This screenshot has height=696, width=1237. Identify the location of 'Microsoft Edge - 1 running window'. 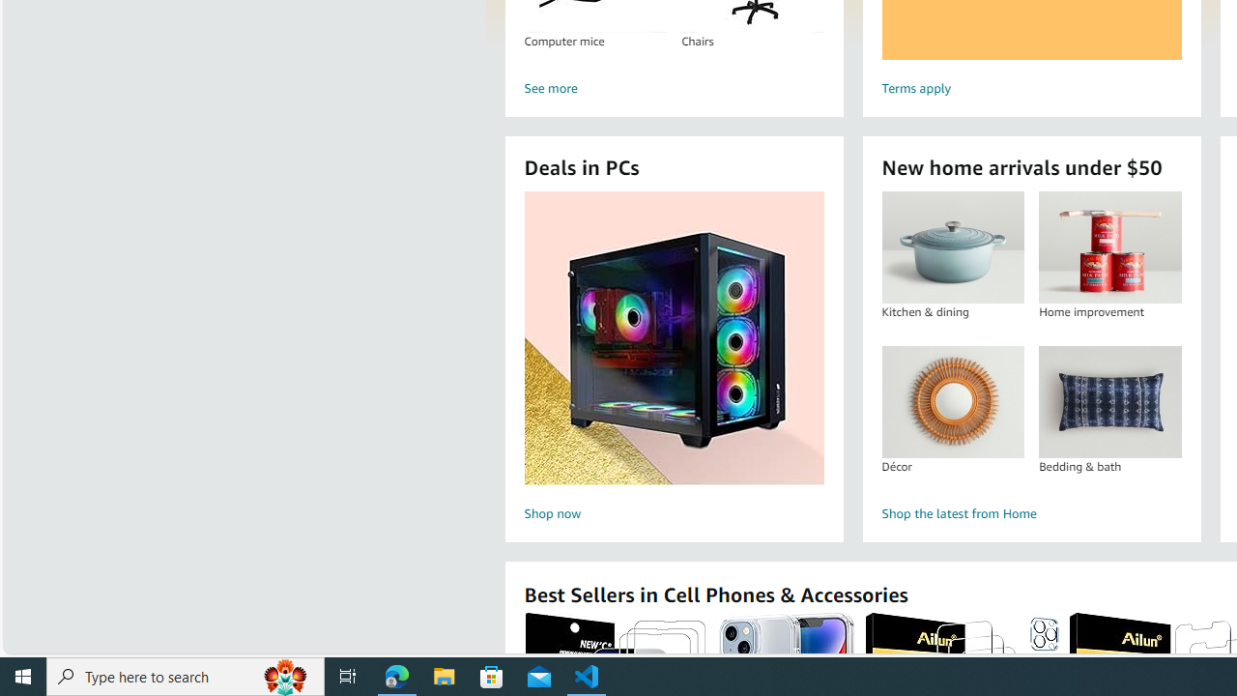
(396, 675).